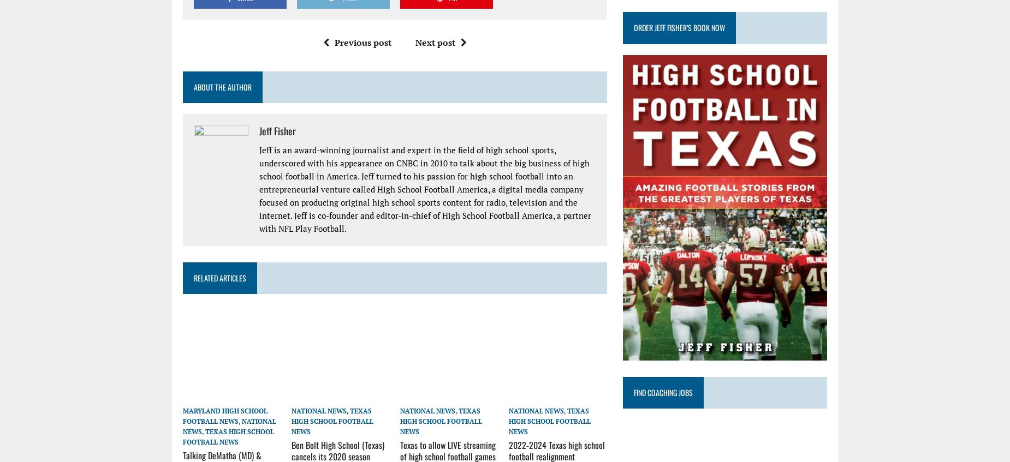 This screenshot has height=462, width=1010. I want to click on 'Order Jeff Fisher’s Book NOW', so click(679, 27).